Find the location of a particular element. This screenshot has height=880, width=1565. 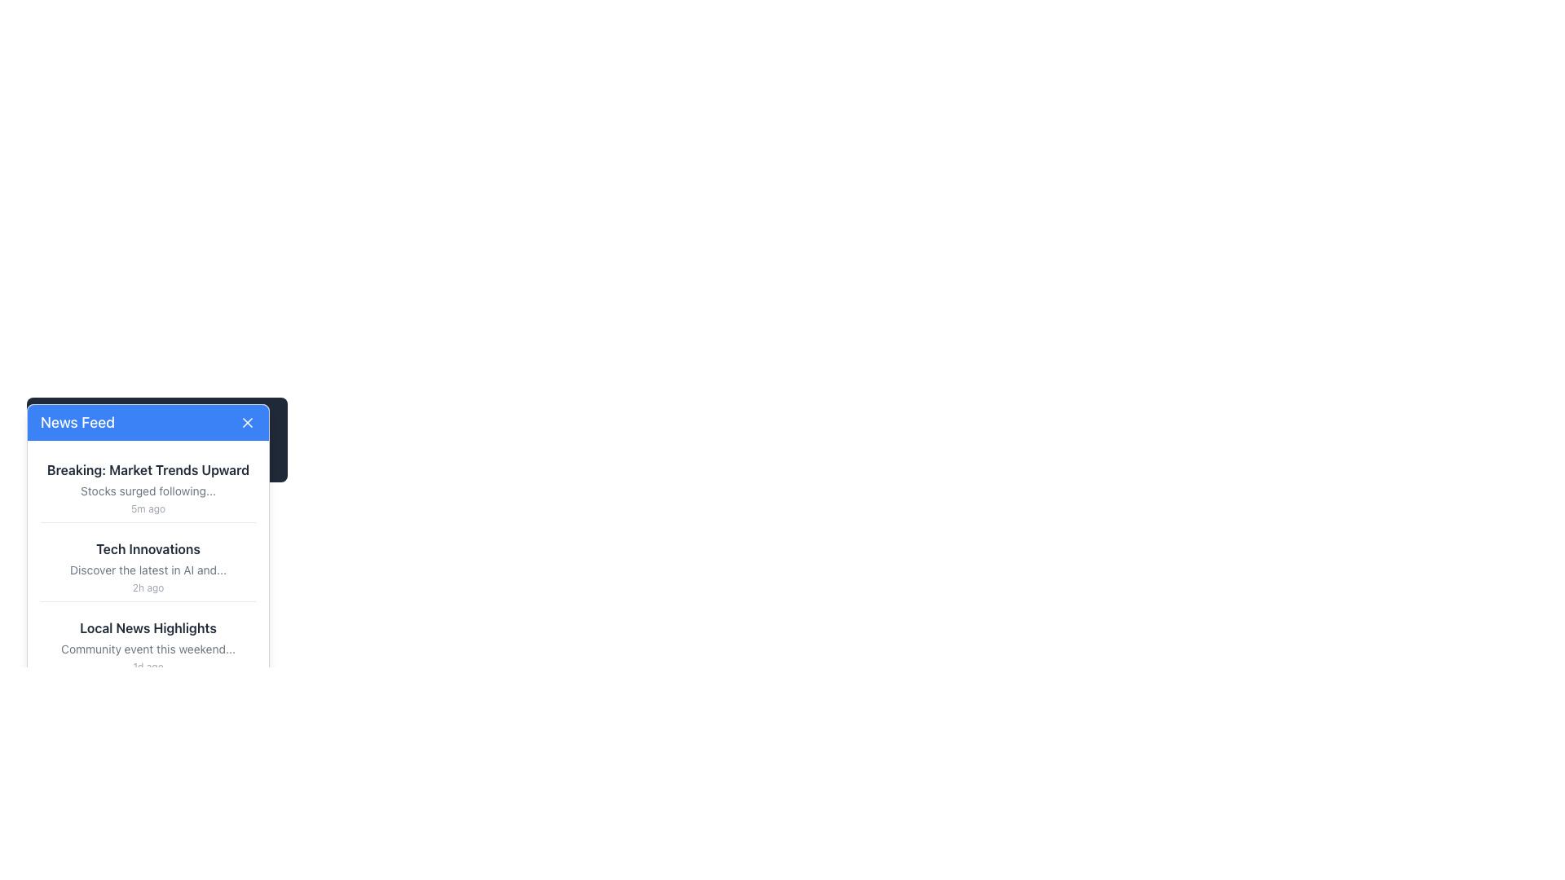

the news headline card located at the top of the 'News Feed' section is located at coordinates (148, 486).